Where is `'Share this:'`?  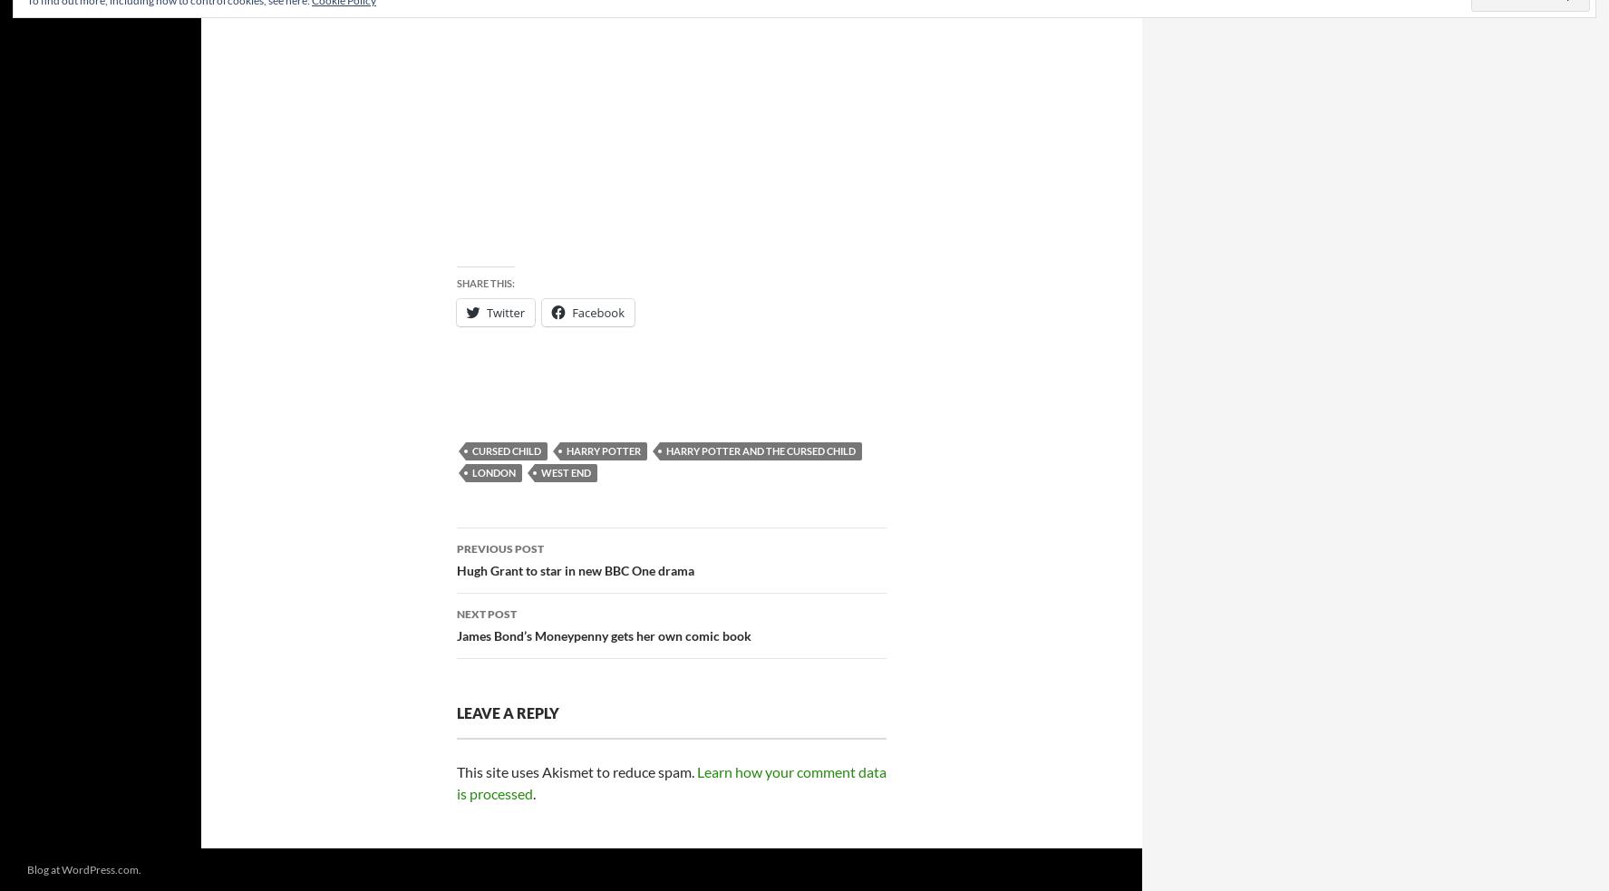
'Share this:' is located at coordinates (455, 283).